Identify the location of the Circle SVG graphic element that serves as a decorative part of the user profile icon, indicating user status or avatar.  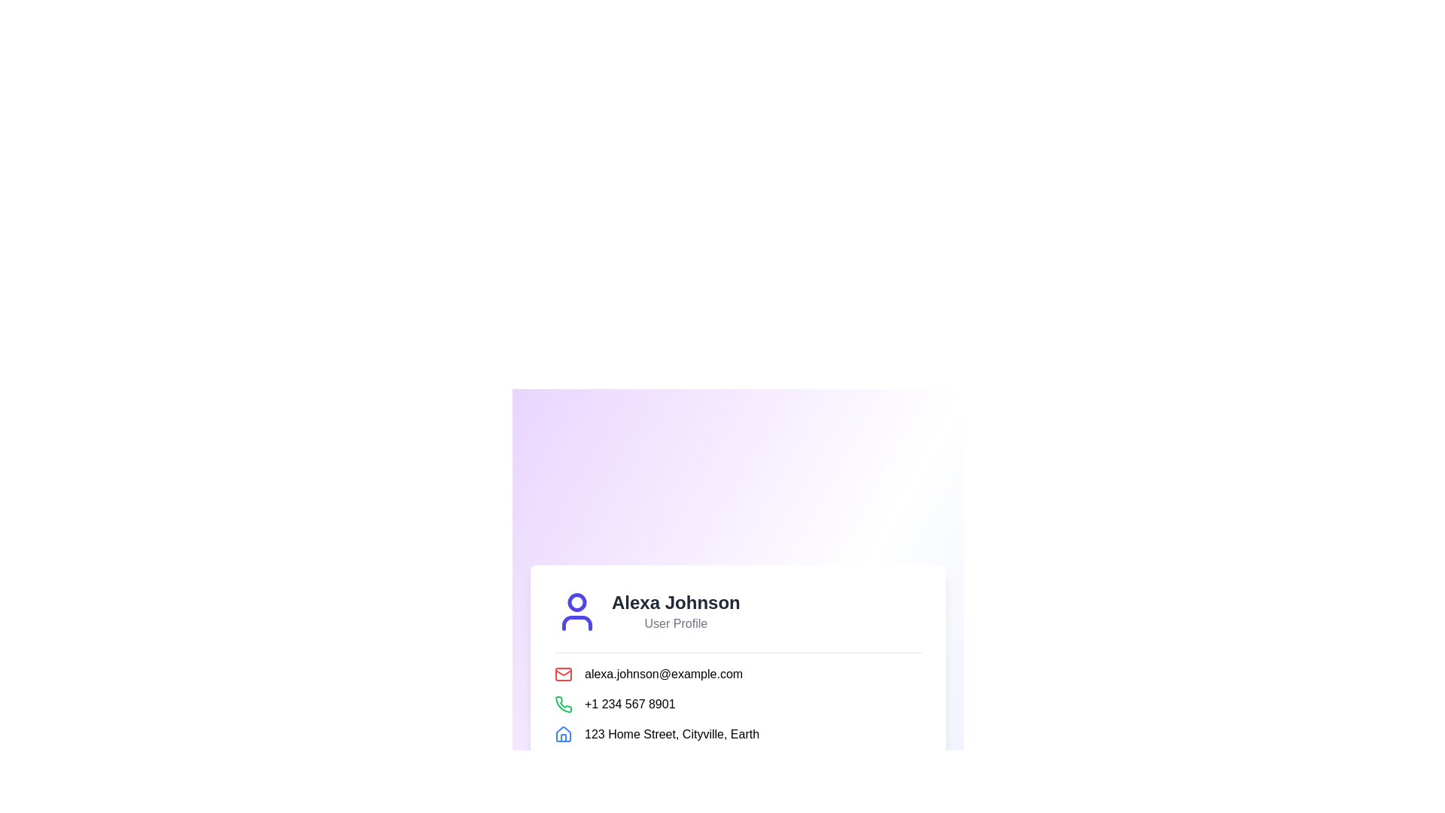
(576, 601).